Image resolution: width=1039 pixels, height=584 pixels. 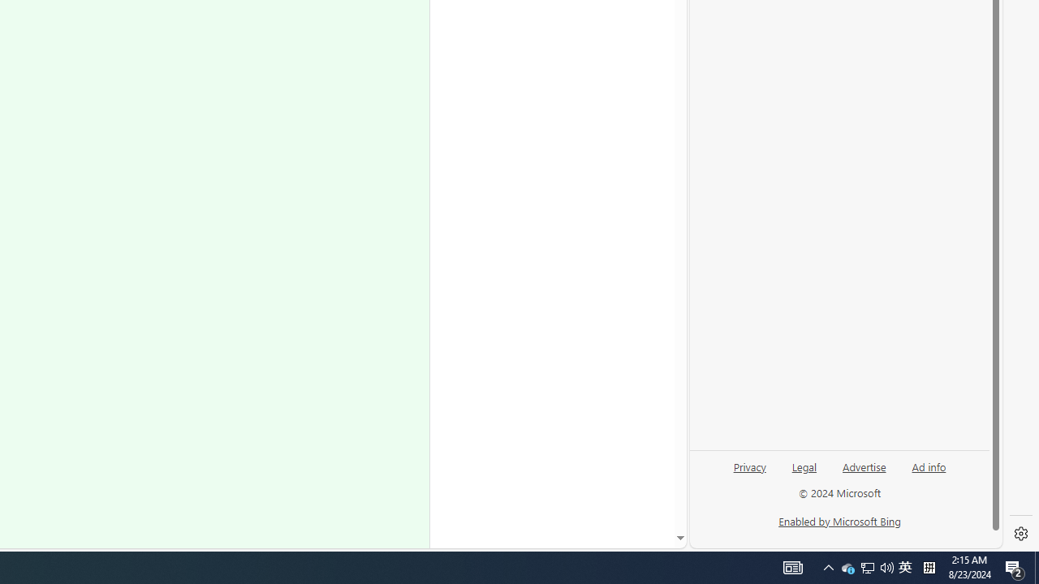 I want to click on 'Advertise', so click(x=863, y=473).